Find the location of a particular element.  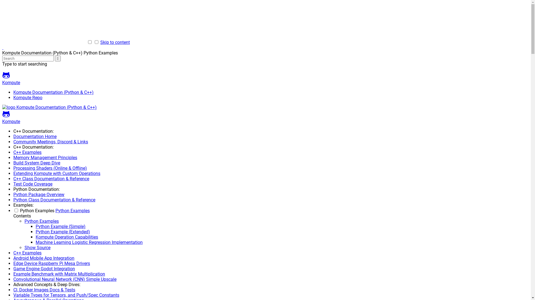

'Python Examples' is located at coordinates (24, 221).